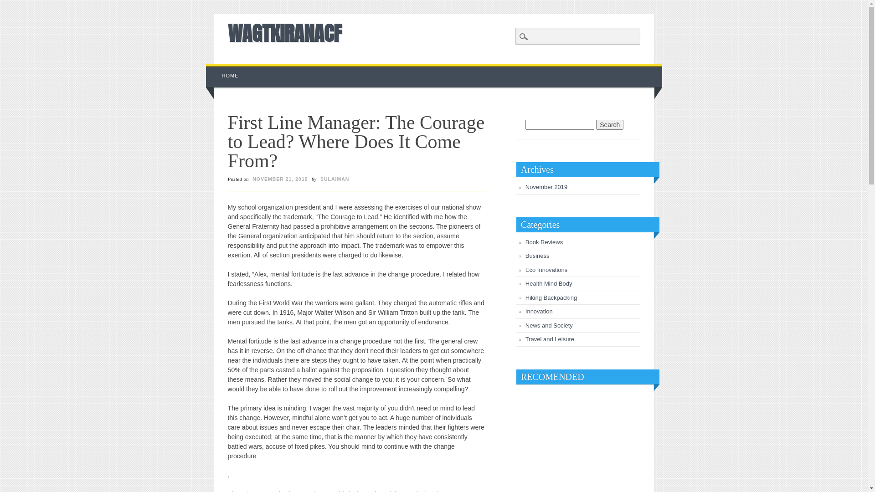 The height and width of the screenshot is (492, 875). Describe the element at coordinates (525, 339) in the screenshot. I see `'Travel and Leisure'` at that location.